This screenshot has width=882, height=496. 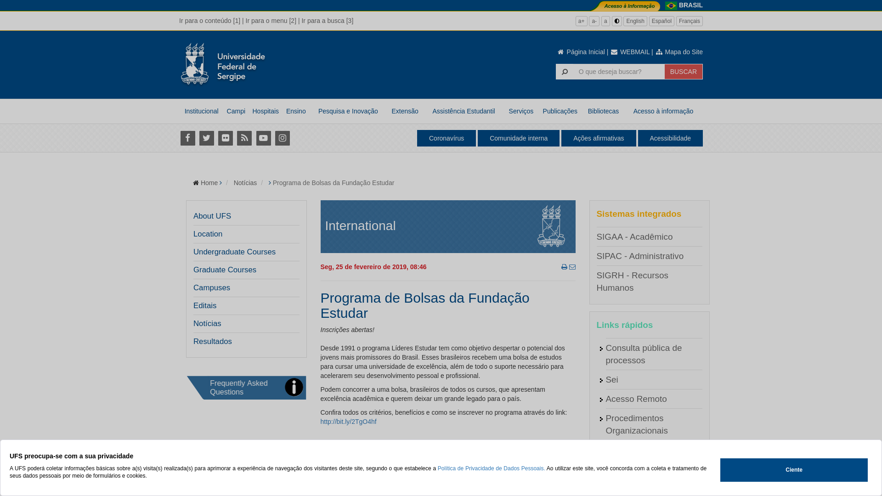 I want to click on 'Ir para o menu [2]', so click(x=271, y=21).